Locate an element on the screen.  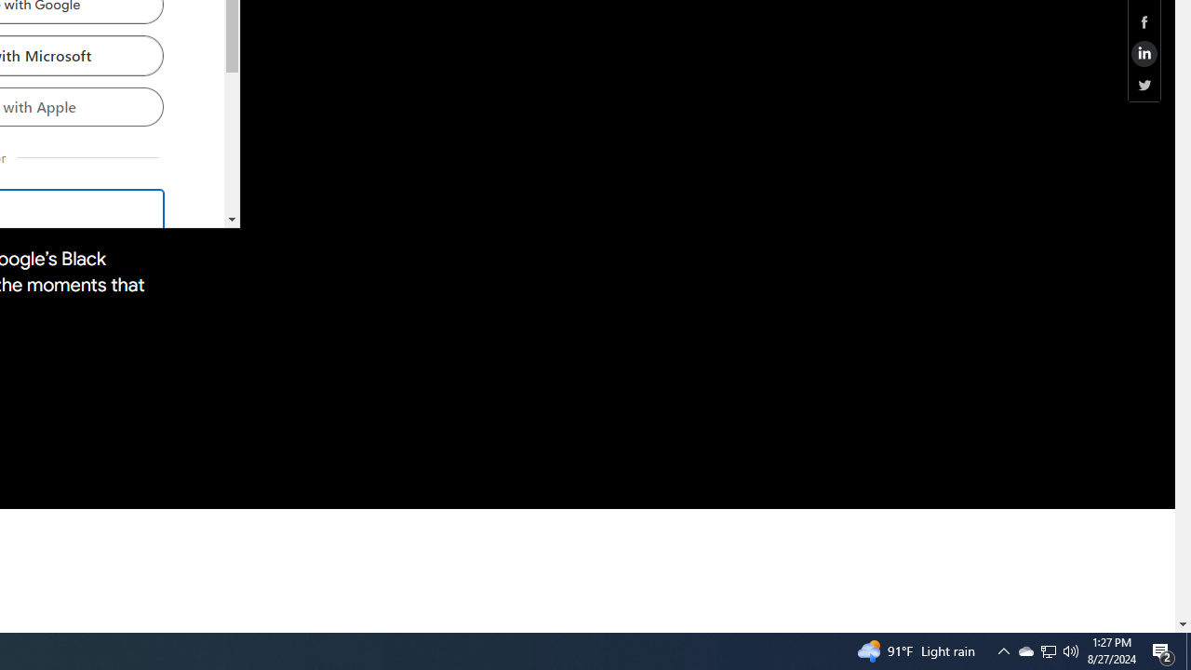
'Action Center, 2 new notifications' is located at coordinates (1163, 650).